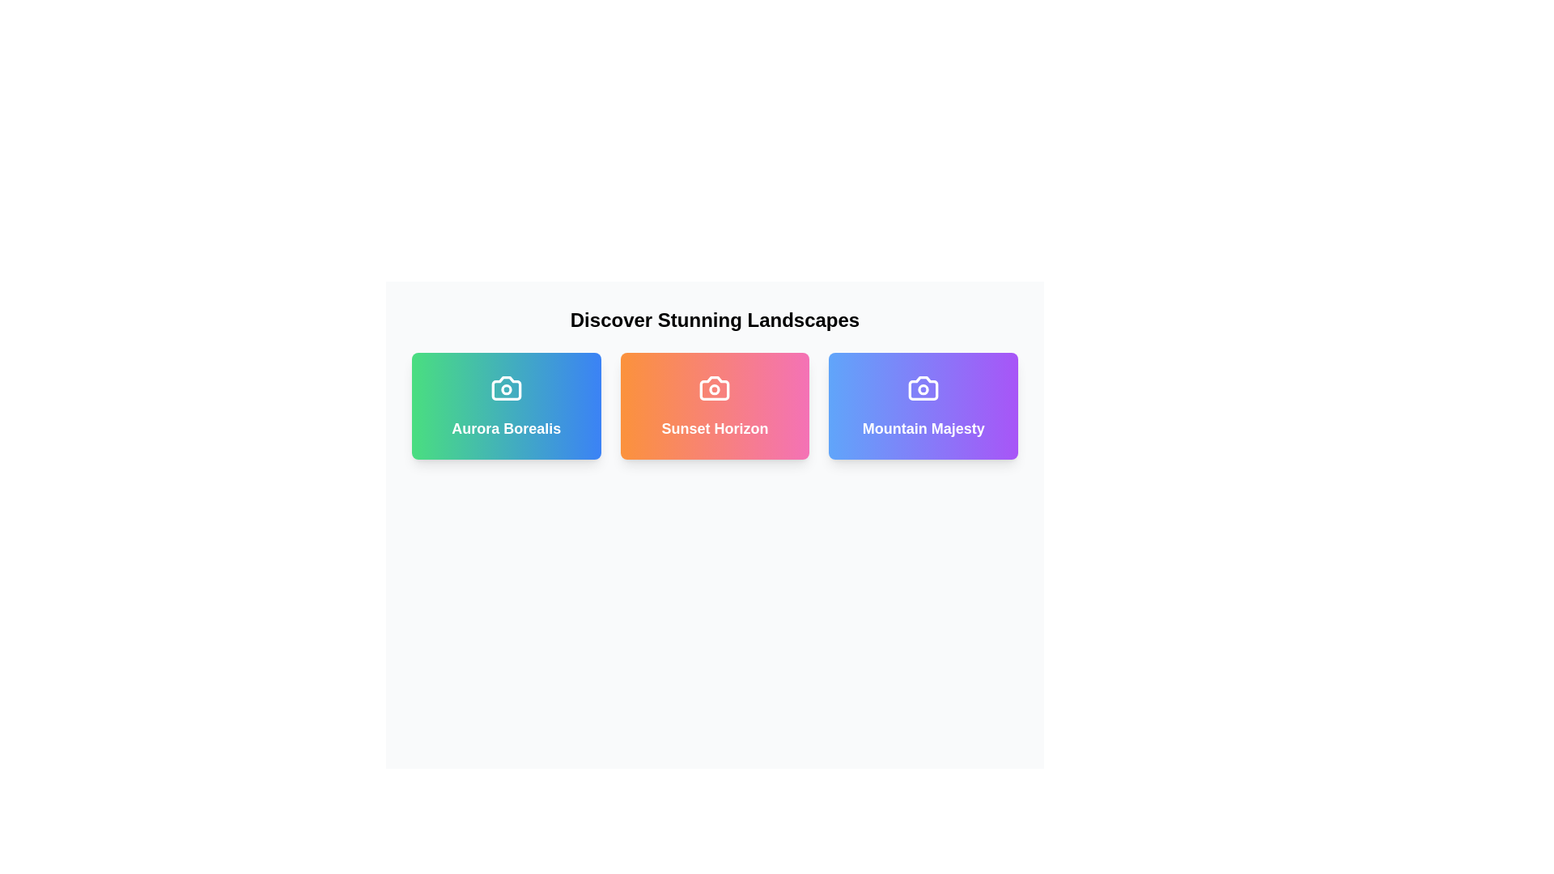 This screenshot has width=1554, height=874. What do you see at coordinates (714, 405) in the screenshot?
I see `the second interactive card labeled 'Sunset Horizon'` at bounding box center [714, 405].